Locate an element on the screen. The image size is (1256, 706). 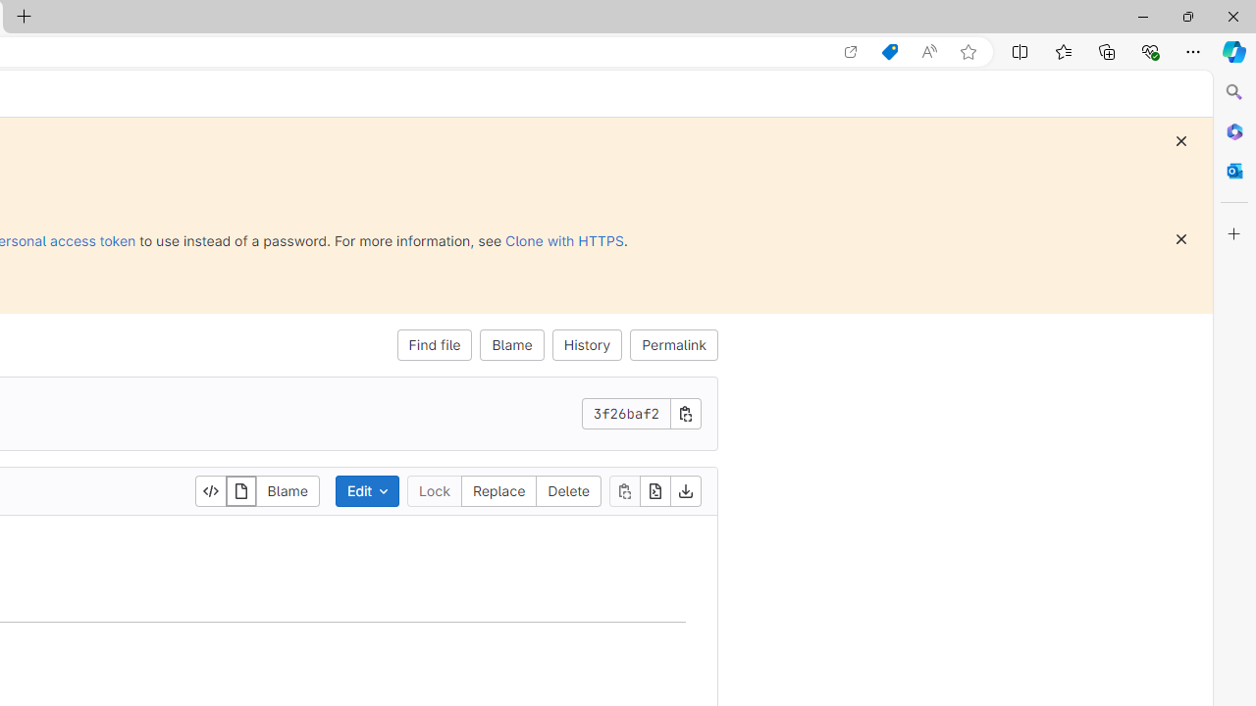
'Delete' is located at coordinates (567, 490).